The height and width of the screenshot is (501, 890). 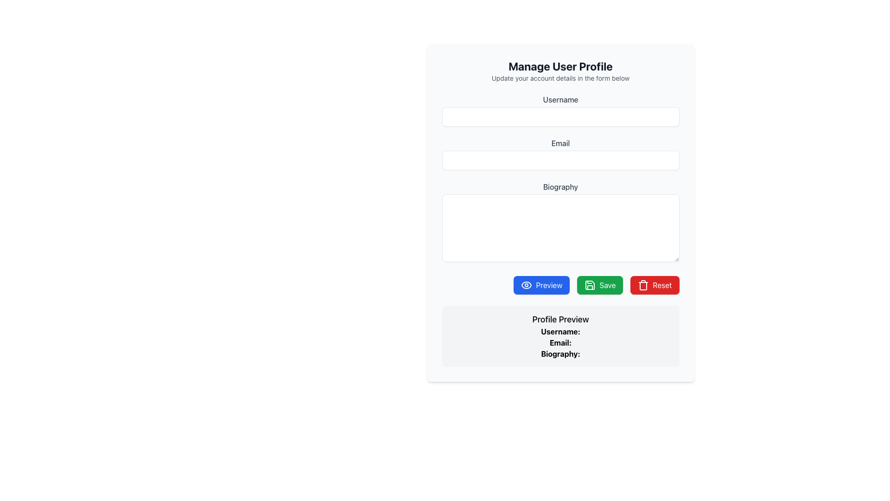 I want to click on the Static Text Label that provides a descriptor for the associated email address field in the Profile Preview section, so click(x=560, y=343).